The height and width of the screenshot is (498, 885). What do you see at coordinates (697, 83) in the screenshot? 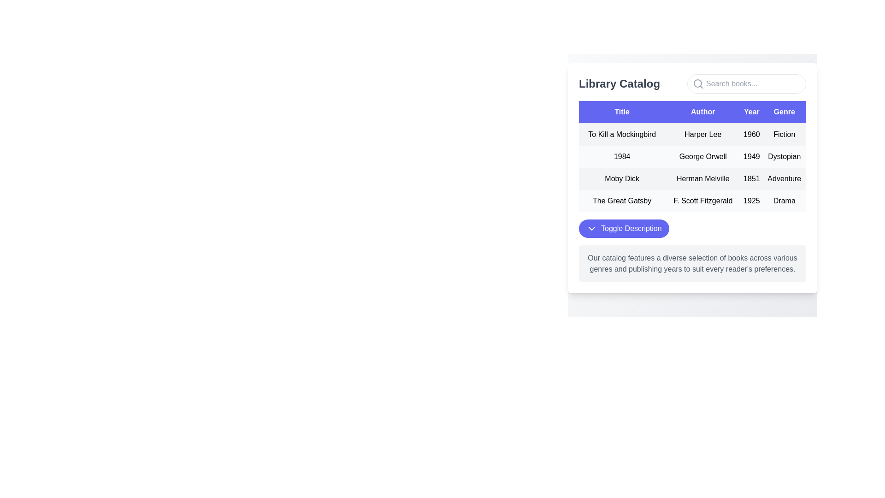
I see `SVG Circle that represents the lens of a magnifying glass icon, which is located to the left of the search input field in the top-right corner of the interface` at bounding box center [697, 83].